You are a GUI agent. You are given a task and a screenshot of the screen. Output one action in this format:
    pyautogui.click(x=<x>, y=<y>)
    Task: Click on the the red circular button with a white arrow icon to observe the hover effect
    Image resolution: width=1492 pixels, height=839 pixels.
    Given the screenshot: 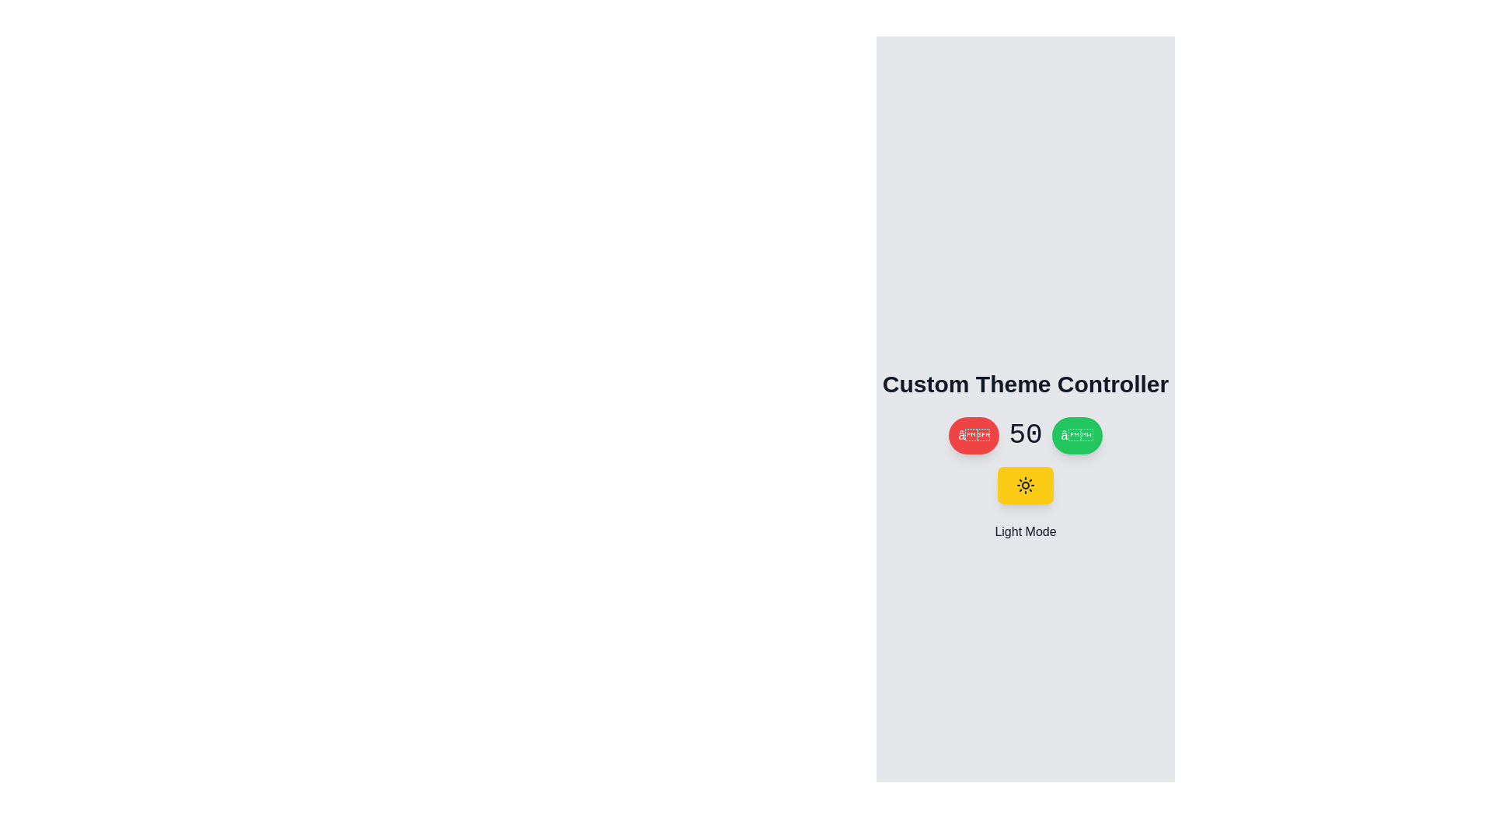 What is the action you would take?
    pyautogui.click(x=973, y=435)
    